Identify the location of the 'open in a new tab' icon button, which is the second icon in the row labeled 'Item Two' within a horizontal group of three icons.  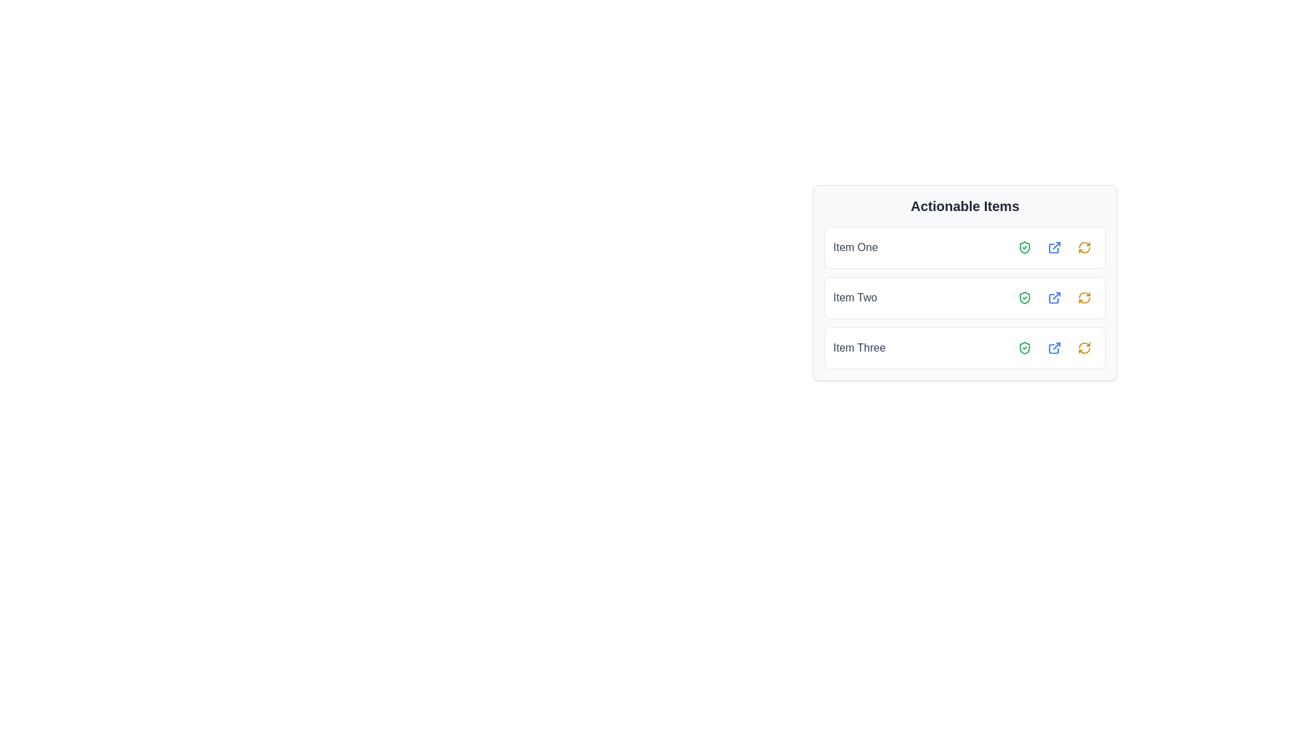
(1054, 297).